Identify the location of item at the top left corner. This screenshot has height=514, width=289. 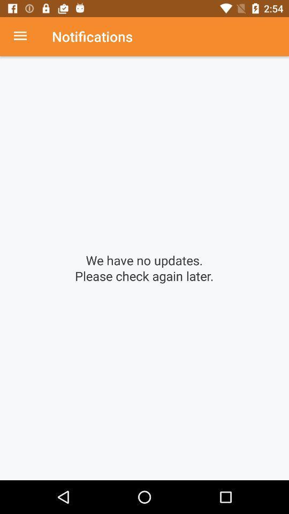
(26, 36).